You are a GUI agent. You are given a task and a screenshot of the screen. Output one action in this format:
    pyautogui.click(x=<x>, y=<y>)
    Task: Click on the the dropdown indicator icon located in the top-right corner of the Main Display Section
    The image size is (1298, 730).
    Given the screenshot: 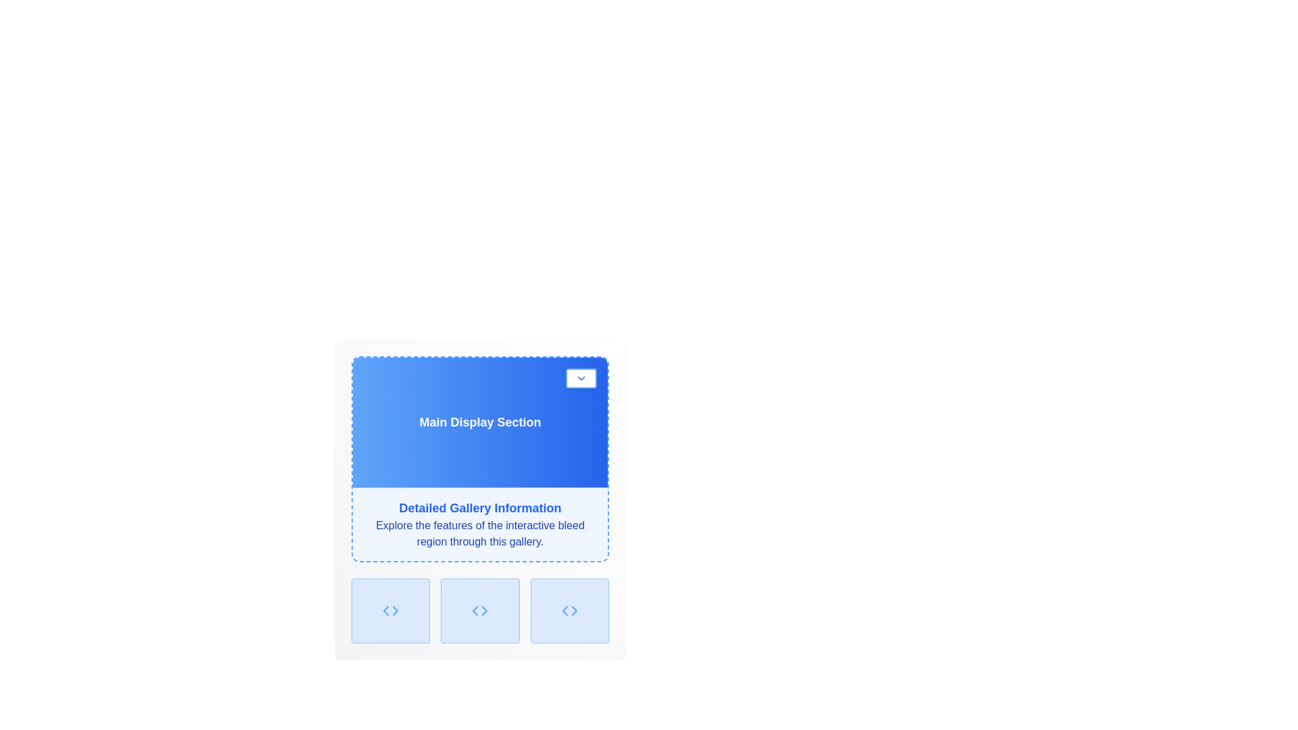 What is the action you would take?
    pyautogui.click(x=581, y=378)
    